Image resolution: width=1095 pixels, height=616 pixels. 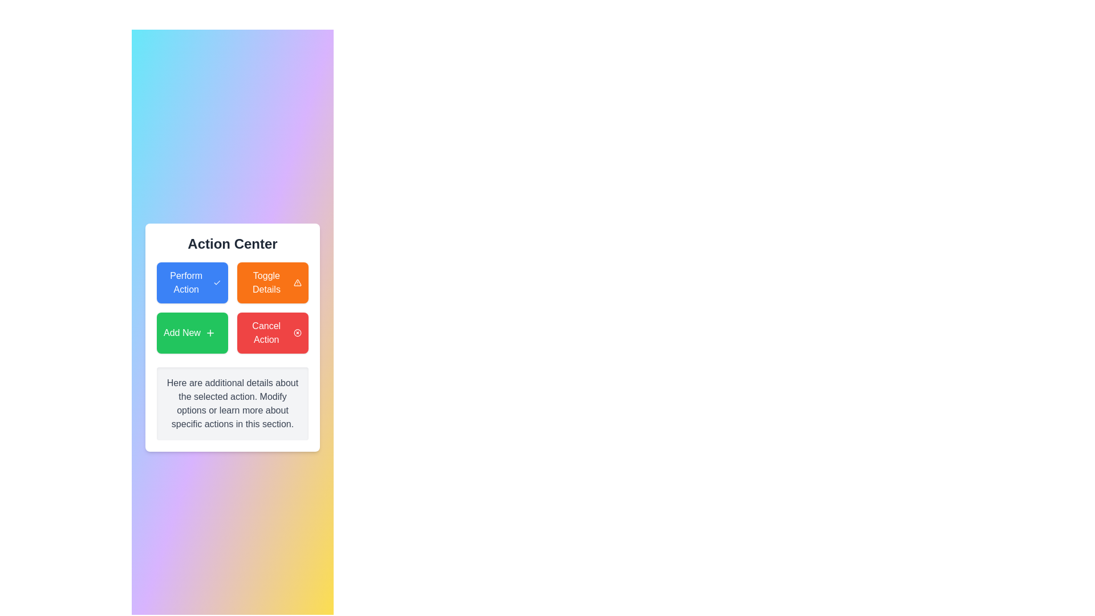 What do you see at coordinates (272, 282) in the screenshot?
I see `the 'Toggle Details' button, which is a vibrant orange button with white text and an alert triangle icon, located in the top-right cell of the 'Action Center' grid` at bounding box center [272, 282].